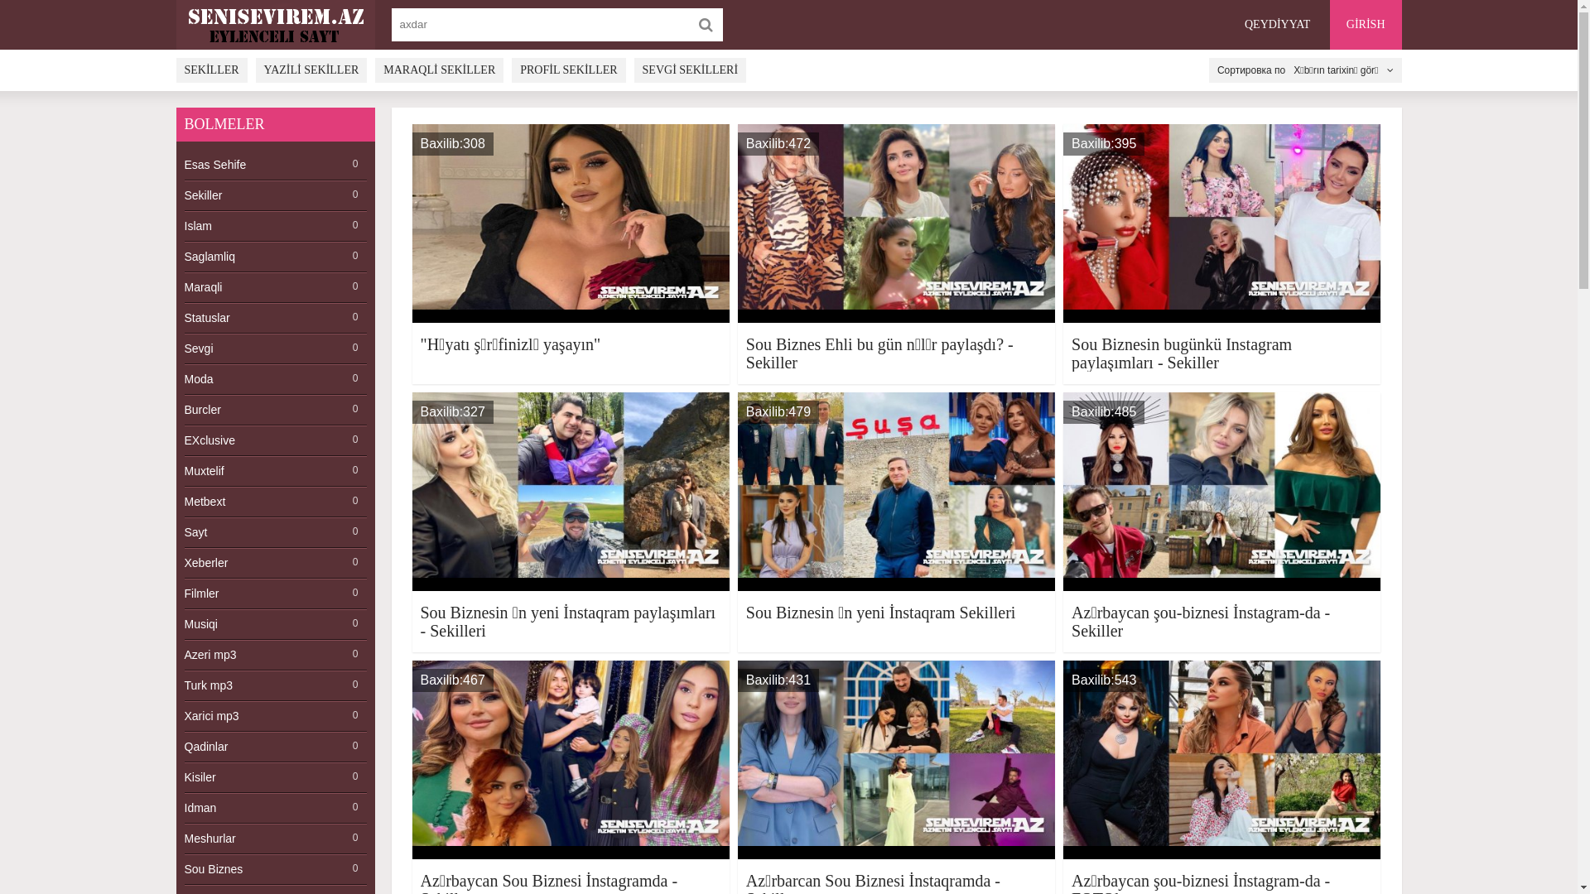 This screenshot has height=894, width=1590. Describe the element at coordinates (895, 491) in the screenshot. I see `'Baxilib:479'` at that location.